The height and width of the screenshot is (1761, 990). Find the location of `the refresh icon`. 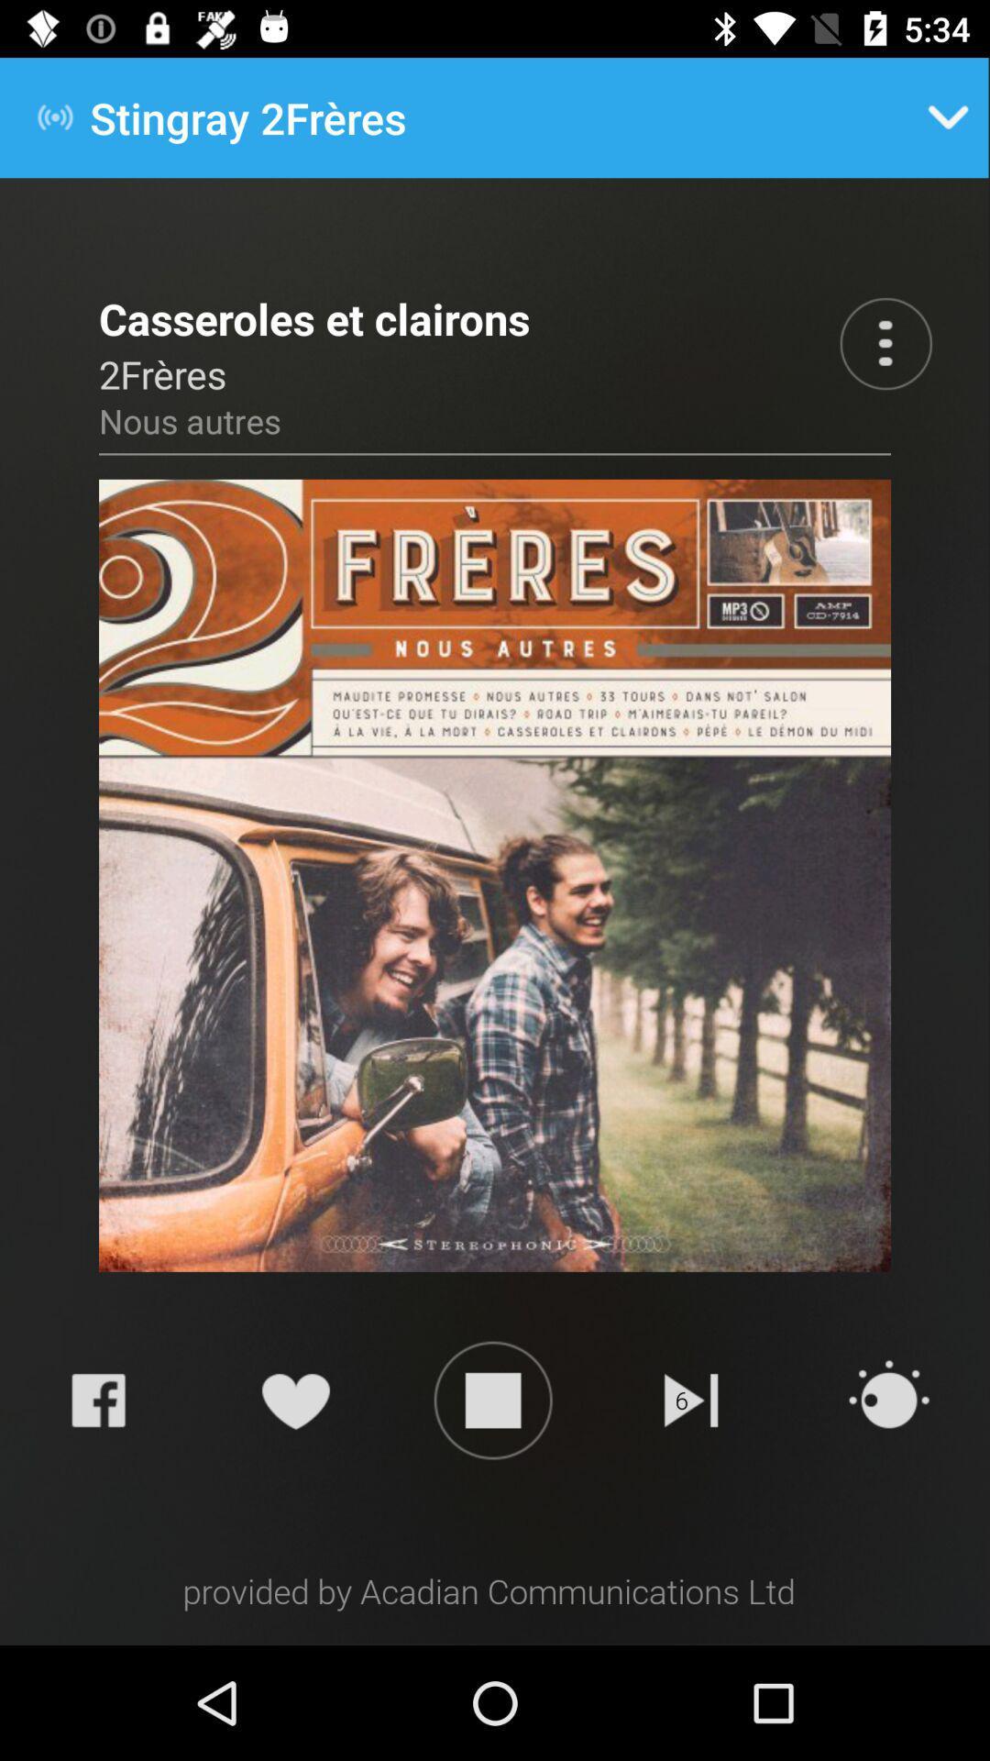

the refresh icon is located at coordinates (888, 1399).